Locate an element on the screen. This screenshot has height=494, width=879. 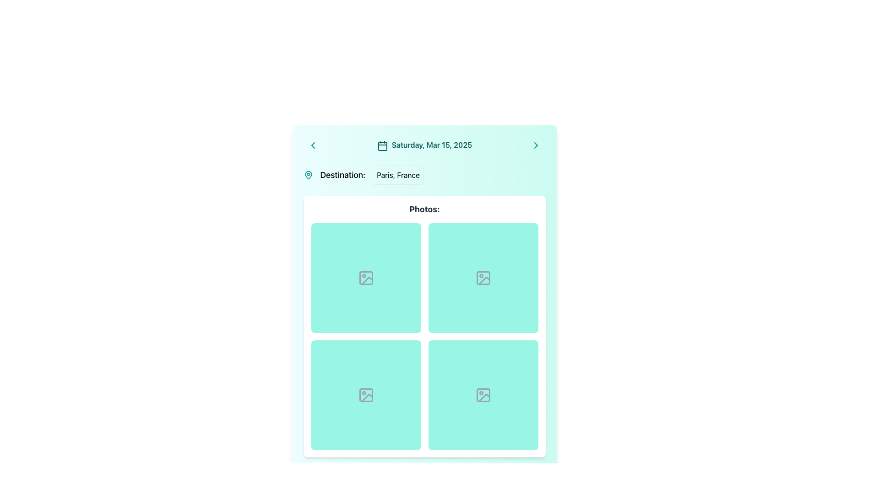
the static icon representing an empty or default image slot located in the top row, second column of a 2x2 grid layout within the photo display section is located at coordinates (483, 278).